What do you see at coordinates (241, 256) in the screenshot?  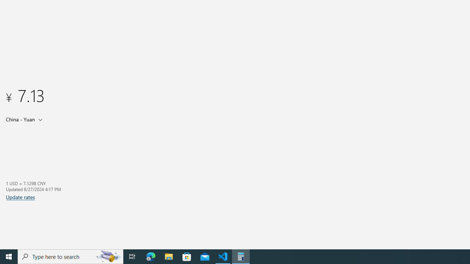 I see `'Calculator - 1 running window'` at bounding box center [241, 256].